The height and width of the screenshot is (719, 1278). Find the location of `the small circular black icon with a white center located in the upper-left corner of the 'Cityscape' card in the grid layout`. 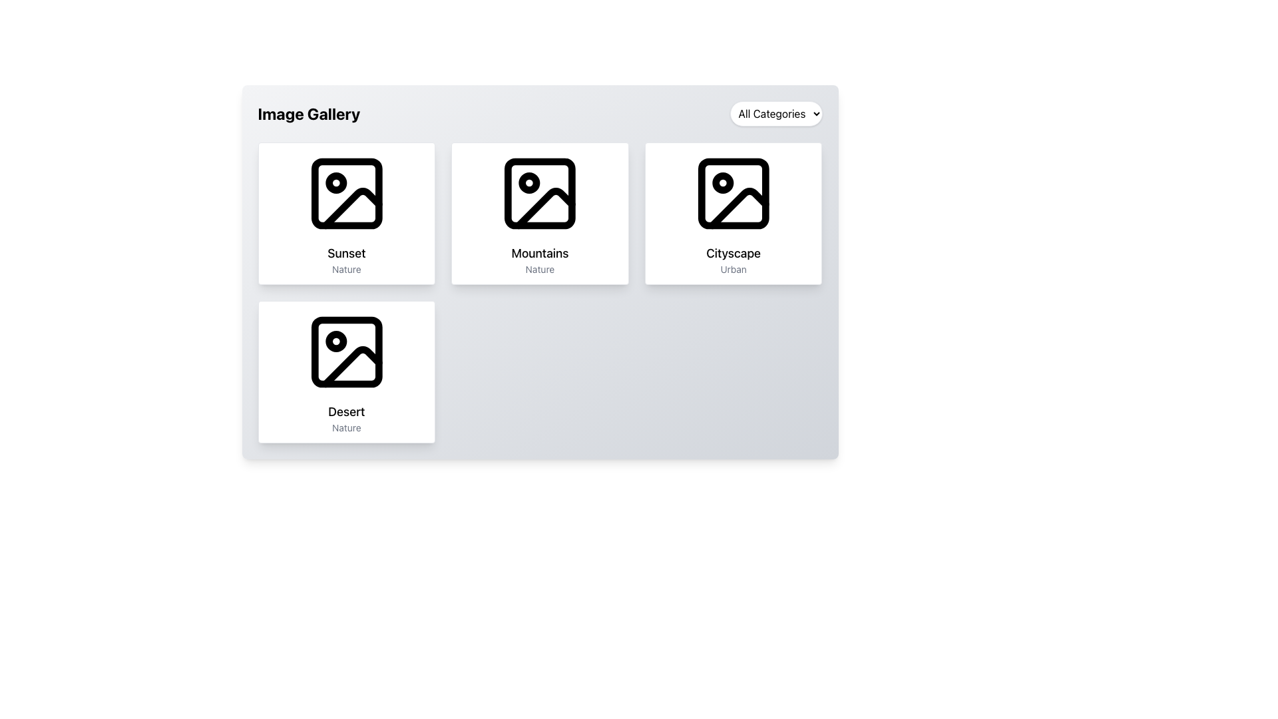

the small circular black icon with a white center located in the upper-left corner of the 'Cityscape' card in the grid layout is located at coordinates (722, 182).